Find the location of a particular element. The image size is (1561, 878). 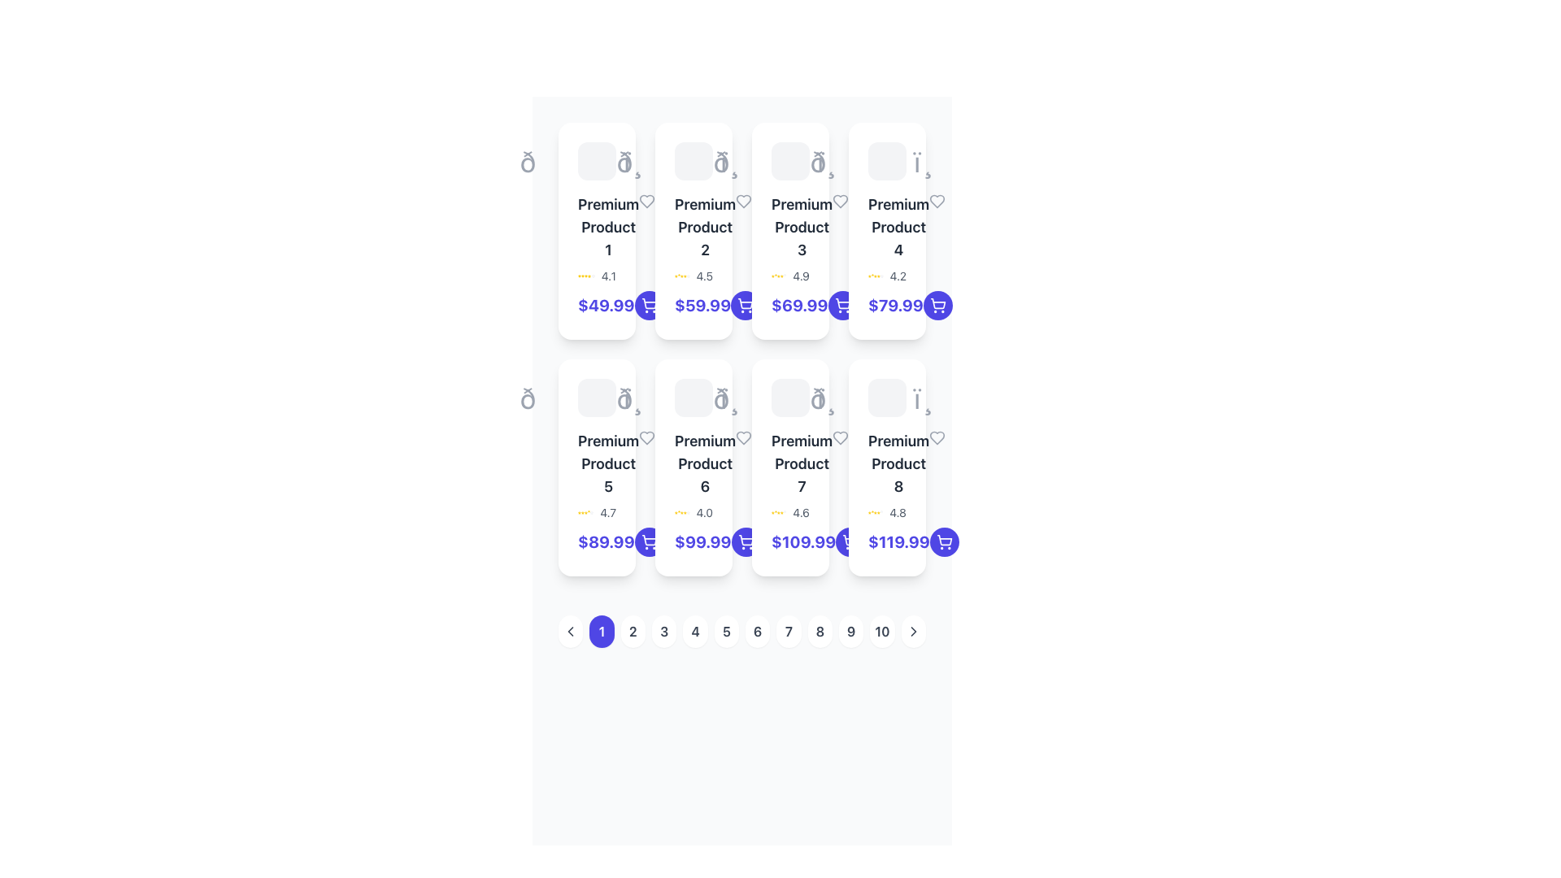

the text of the label displaying 'Premium Product 4', which is a bold, medium-large text component in dark gray, located in the top row of a product grid is located at coordinates (898, 228).